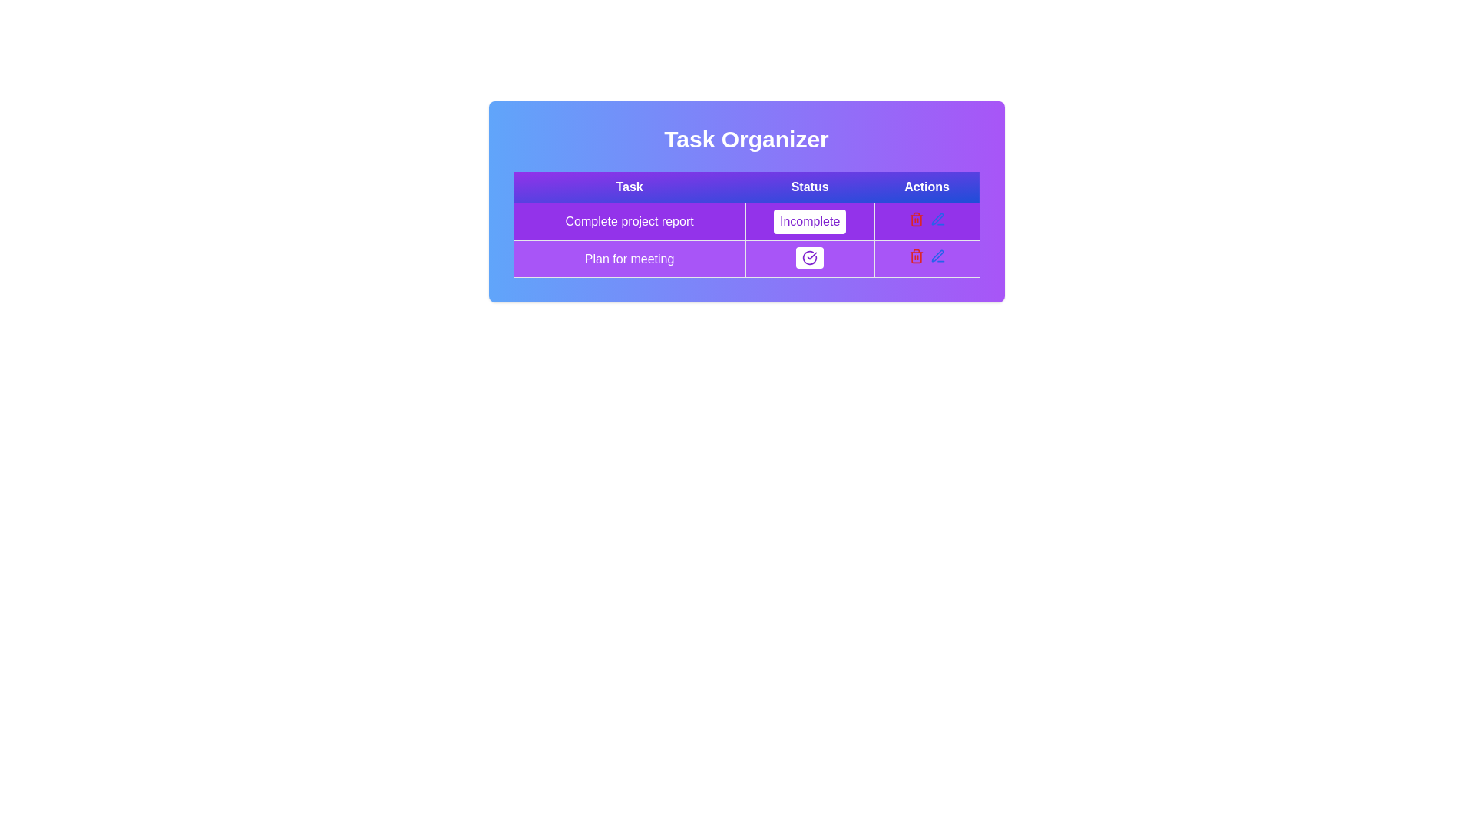 The height and width of the screenshot is (829, 1474). Describe the element at coordinates (937, 256) in the screenshot. I see `the blue pen icon in the 'Actions' column of the table, which signifies edit functionality for the 'Complete project report' task` at that location.